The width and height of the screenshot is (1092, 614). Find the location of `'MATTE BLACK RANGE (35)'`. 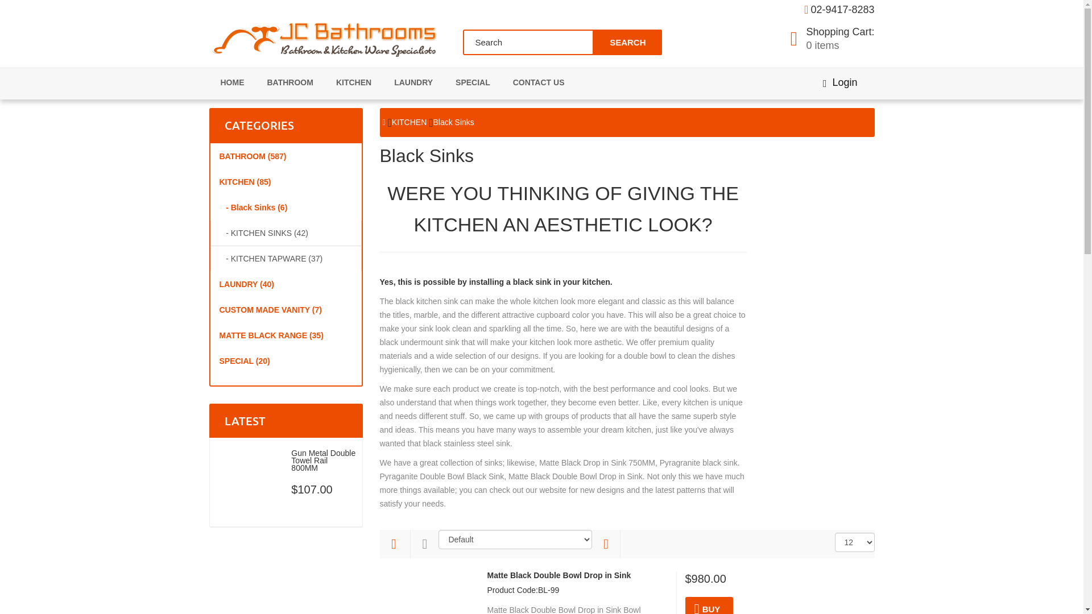

'MATTE BLACK RANGE (35)' is located at coordinates (286, 335).